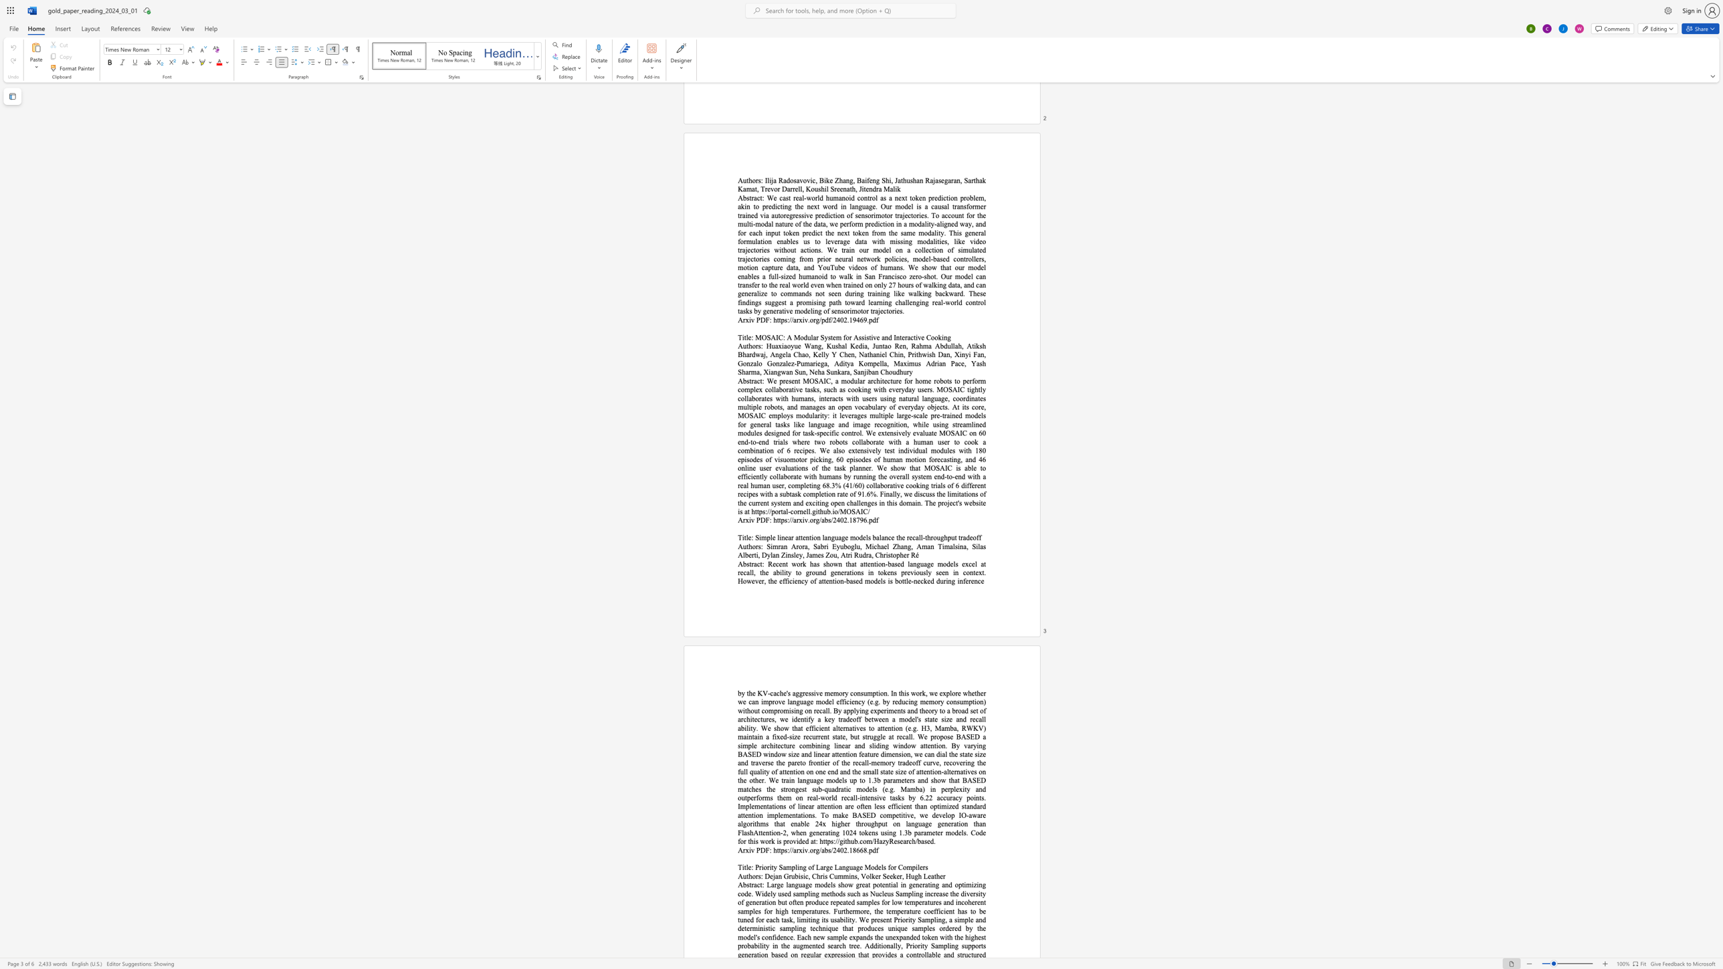  What do you see at coordinates (763, 519) in the screenshot?
I see `the 1th character "D" in the text` at bounding box center [763, 519].